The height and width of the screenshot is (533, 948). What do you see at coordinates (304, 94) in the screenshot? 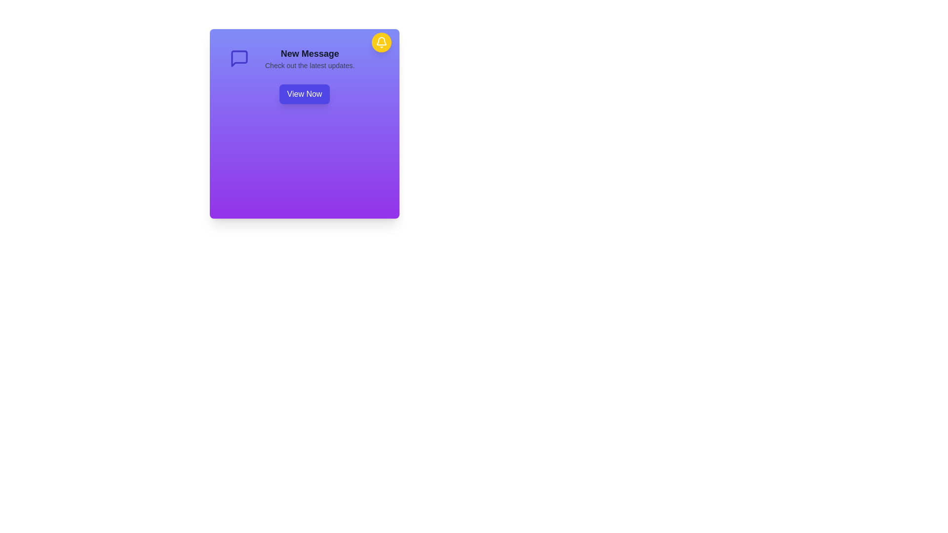
I see `the 'View Now' button which features white text on a blue background with rounded corners to trigger its visual state change` at bounding box center [304, 94].